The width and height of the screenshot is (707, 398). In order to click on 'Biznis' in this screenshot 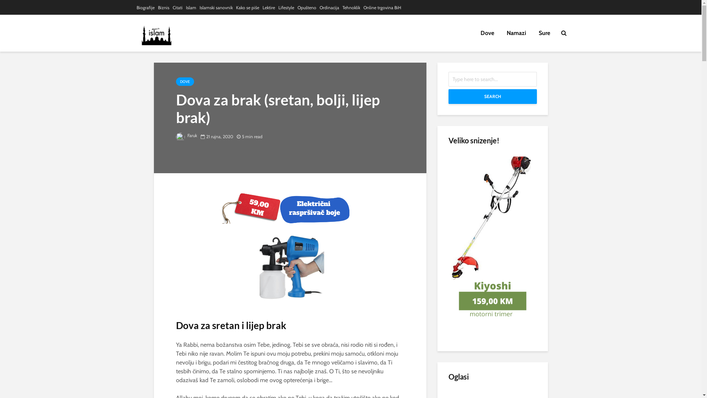, I will do `click(163, 7)`.